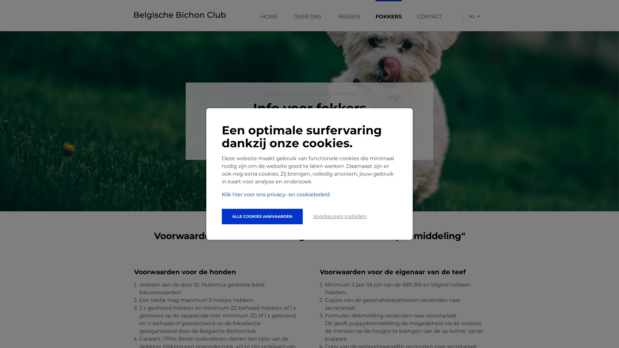  What do you see at coordinates (262, 216) in the screenshot?
I see `'ALLE COOKIES AANVAARDEN'` at bounding box center [262, 216].